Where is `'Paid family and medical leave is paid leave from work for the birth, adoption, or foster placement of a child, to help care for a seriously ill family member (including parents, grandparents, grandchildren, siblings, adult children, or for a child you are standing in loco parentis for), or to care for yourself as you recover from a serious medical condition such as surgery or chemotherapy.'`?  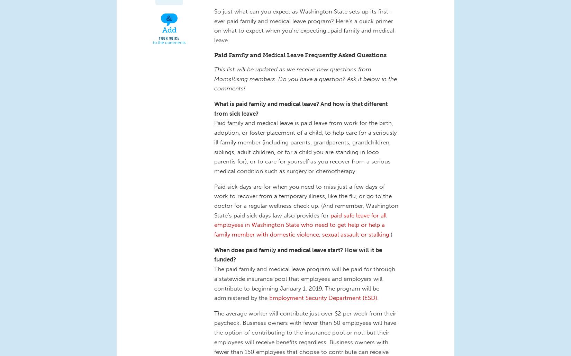
'Paid family and medical leave is paid leave from work for the birth, adoption, or foster placement of a child, to help care for a seriously ill family member (including parents, grandparents, grandchildren, siblings, adult children, or for a child you are standing in loco parentis for), or to care for yourself as you recover from a serious medical condition such as surgery or chemotherapy.' is located at coordinates (214, 147).